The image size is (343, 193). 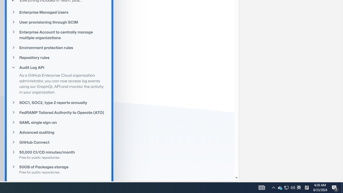 What do you see at coordinates (59, 22) in the screenshot?
I see `'User provisioning through SCIM'` at bounding box center [59, 22].